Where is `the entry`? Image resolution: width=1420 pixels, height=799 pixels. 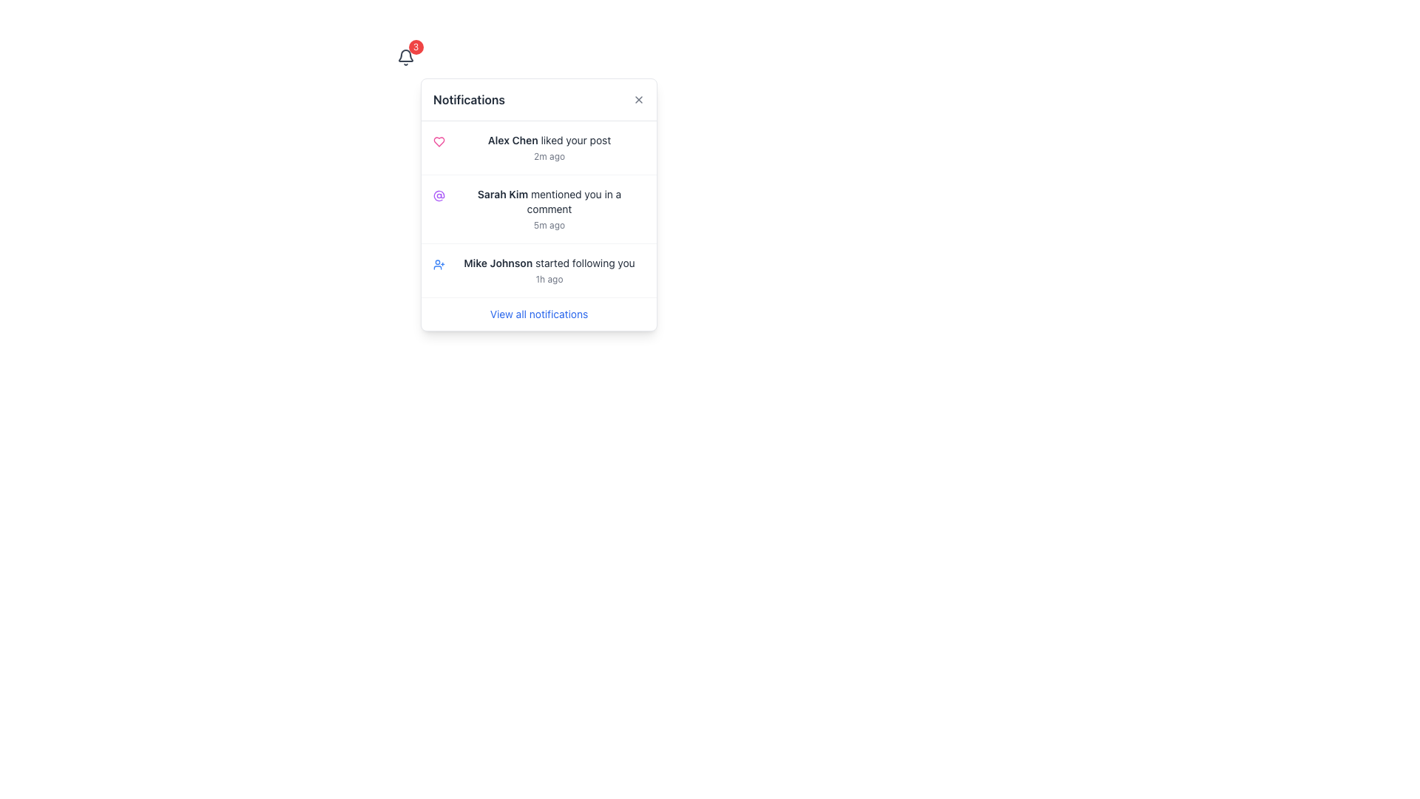 the entry is located at coordinates (538, 209).